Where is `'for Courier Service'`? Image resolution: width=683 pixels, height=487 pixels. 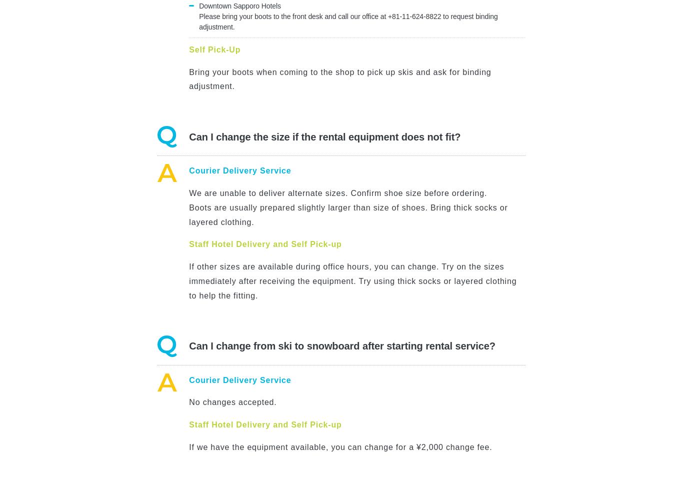
'for Courier Service' is located at coordinates (222, 327).